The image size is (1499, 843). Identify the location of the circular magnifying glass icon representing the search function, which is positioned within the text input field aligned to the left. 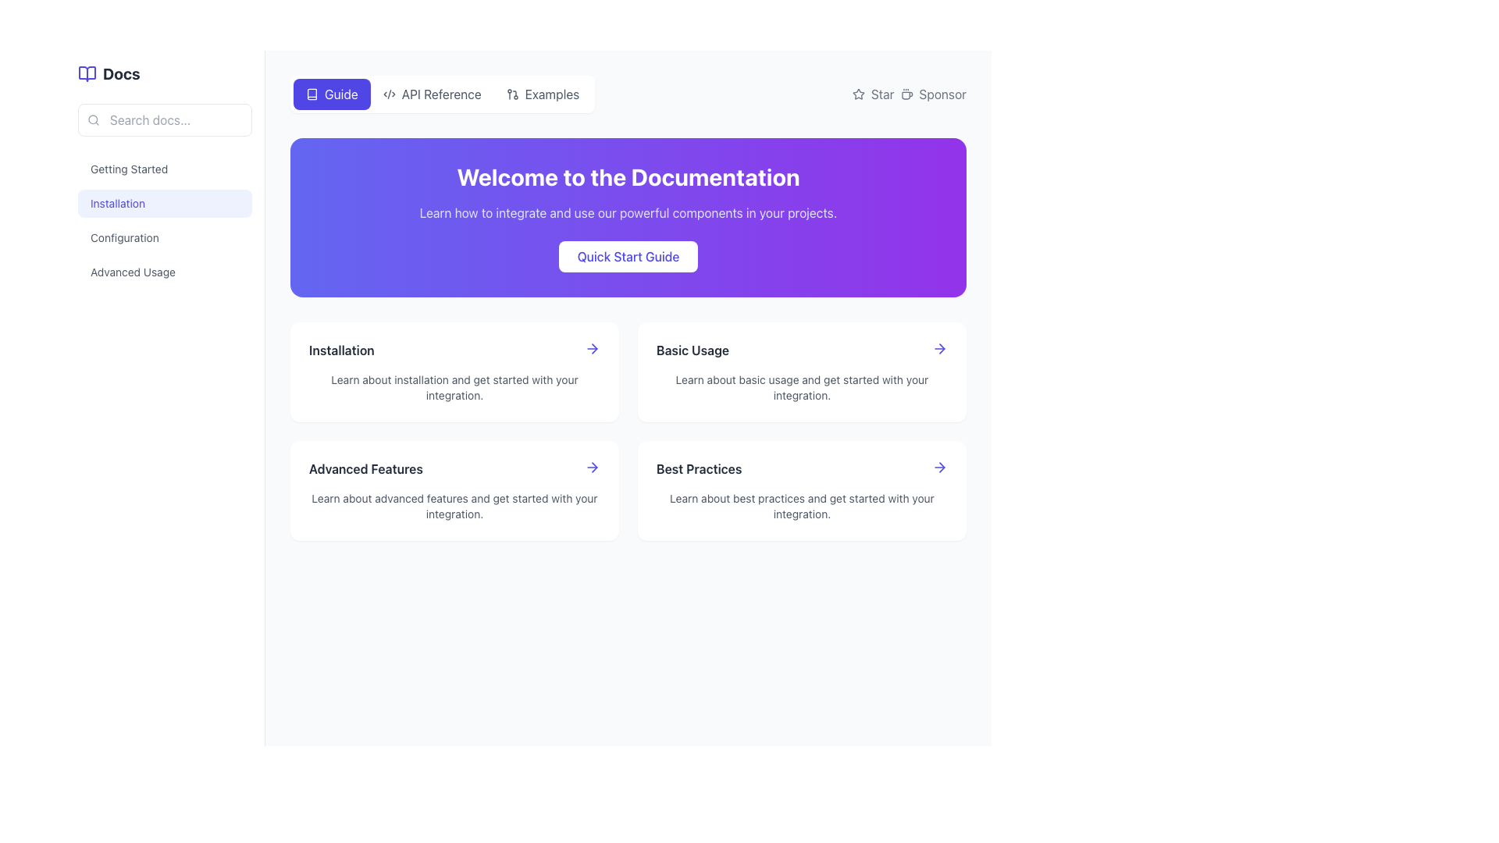
(93, 119).